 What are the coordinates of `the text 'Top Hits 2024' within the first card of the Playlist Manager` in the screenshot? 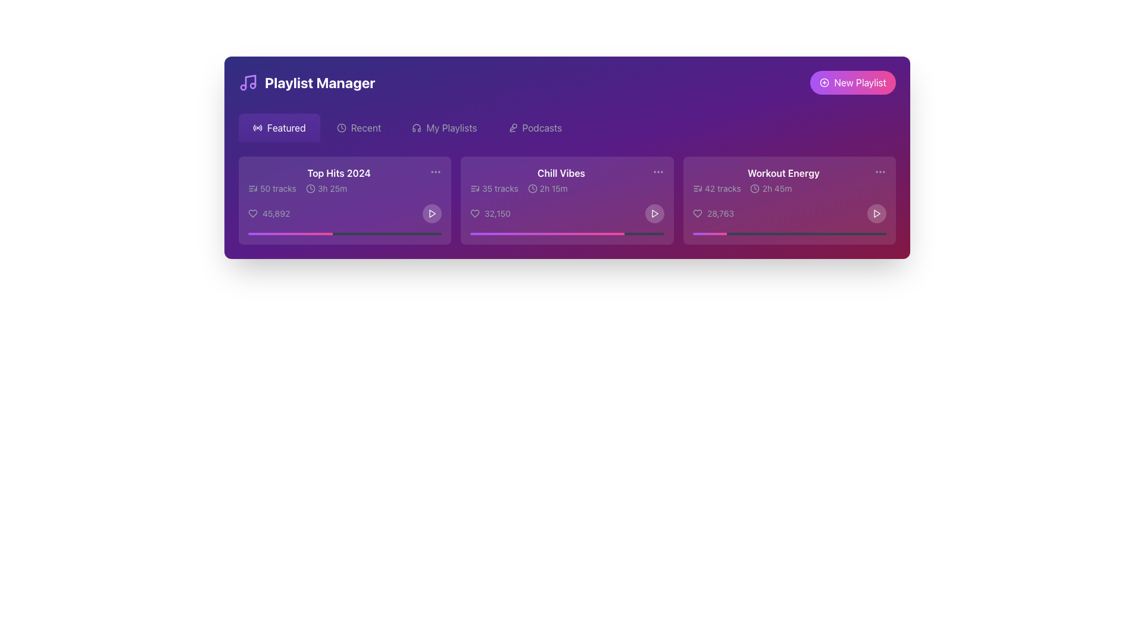 It's located at (344, 180).